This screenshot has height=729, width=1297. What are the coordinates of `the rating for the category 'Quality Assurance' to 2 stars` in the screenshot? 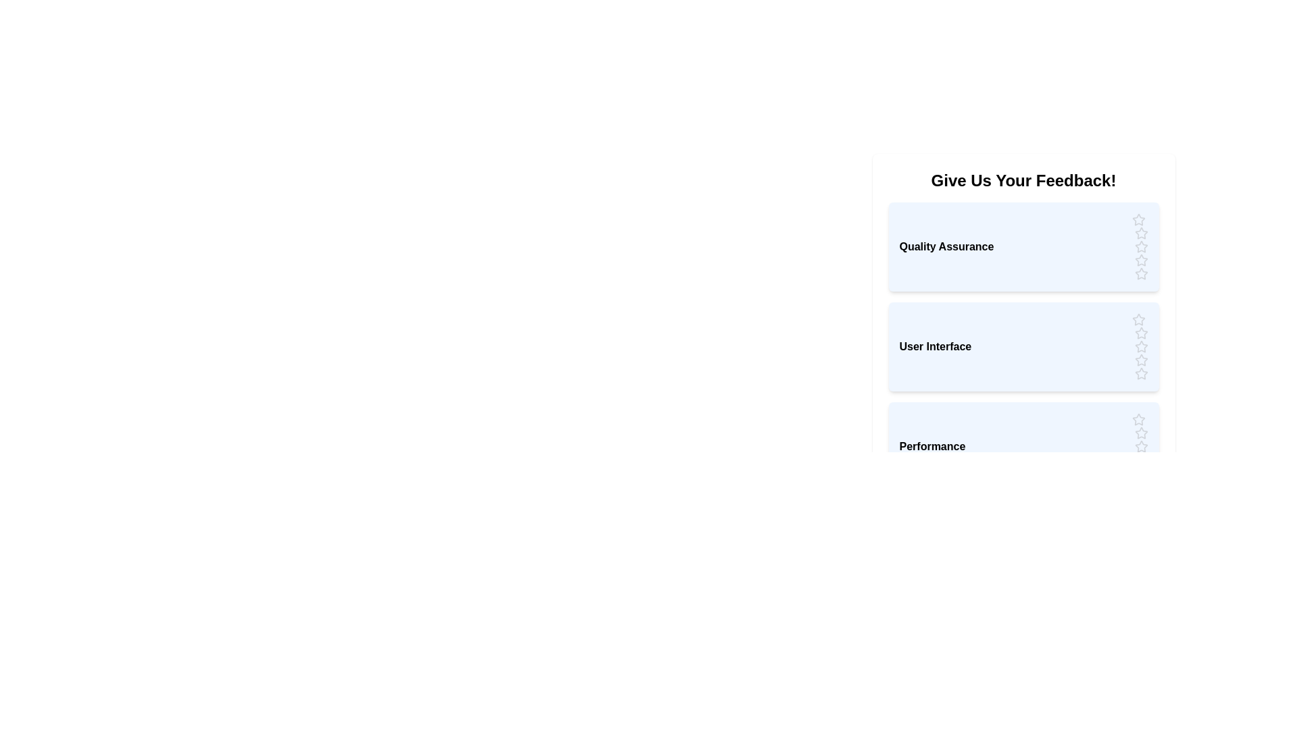 It's located at (1140, 233).